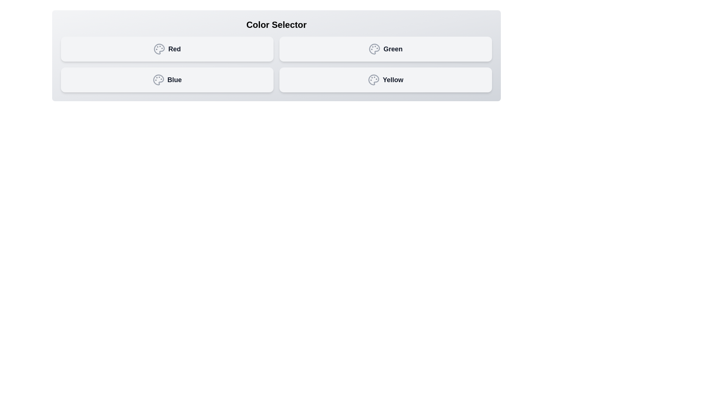 This screenshot has width=705, height=396. Describe the element at coordinates (167, 80) in the screenshot. I see `the color Blue by clicking its button` at that location.